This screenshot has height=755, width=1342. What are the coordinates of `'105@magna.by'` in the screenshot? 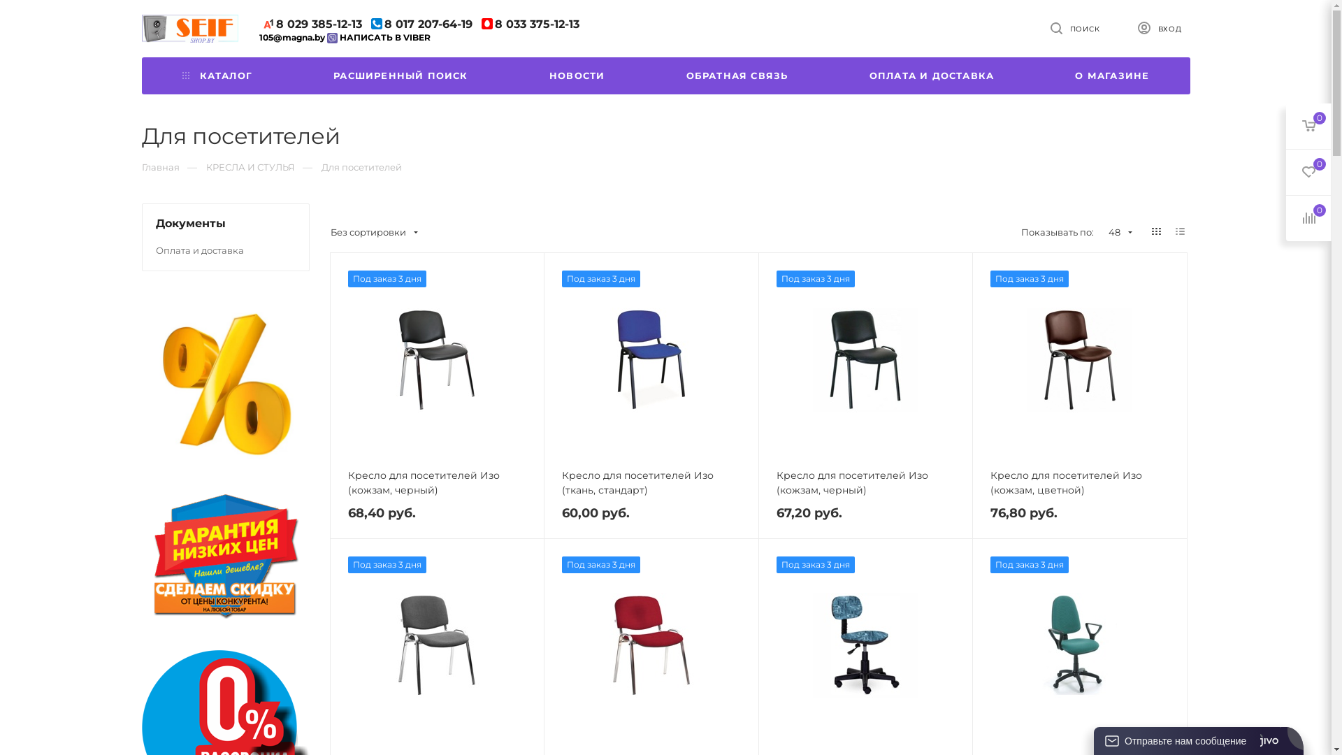 It's located at (291, 36).